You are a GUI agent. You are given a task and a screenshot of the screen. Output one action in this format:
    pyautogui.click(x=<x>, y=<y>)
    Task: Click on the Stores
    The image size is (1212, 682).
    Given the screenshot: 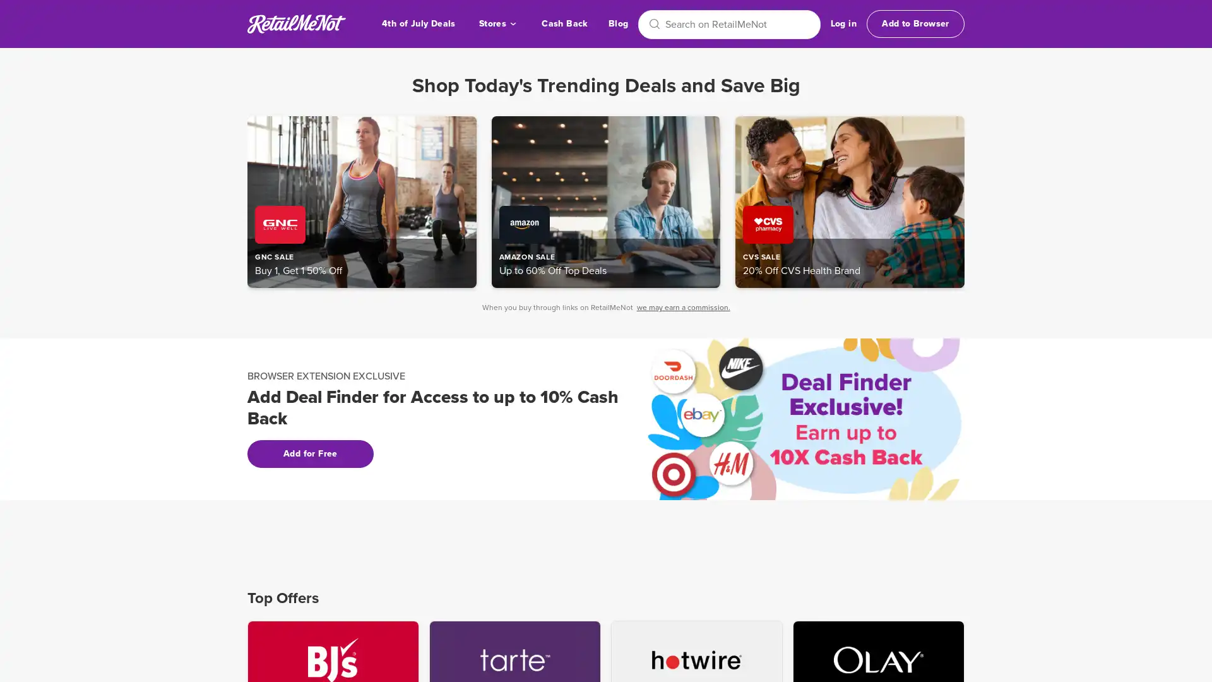 What is the action you would take?
    pyautogui.click(x=497, y=24)
    